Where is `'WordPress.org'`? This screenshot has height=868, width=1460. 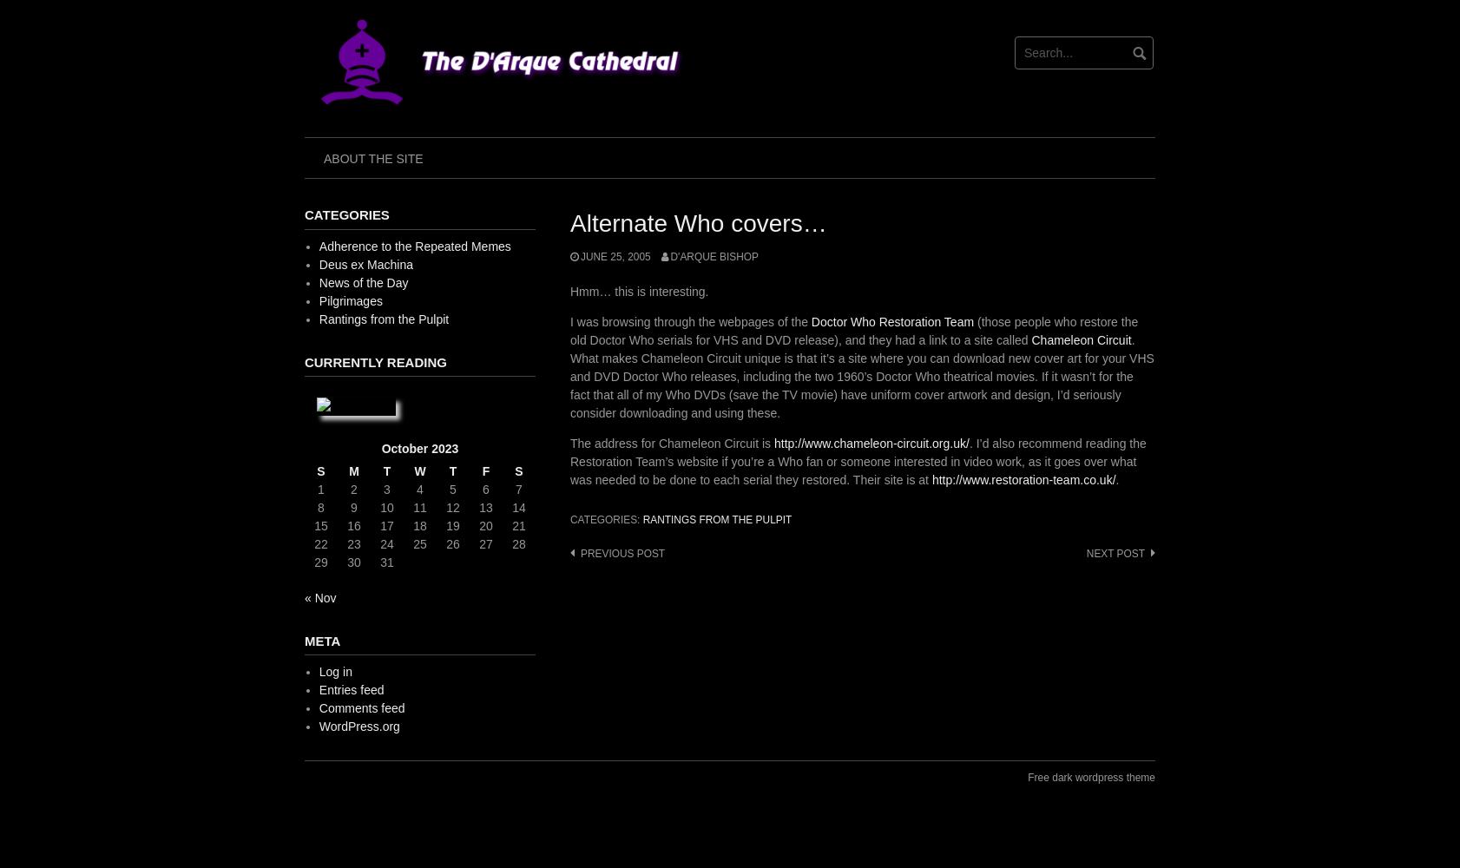
'WordPress.org' is located at coordinates (358, 726).